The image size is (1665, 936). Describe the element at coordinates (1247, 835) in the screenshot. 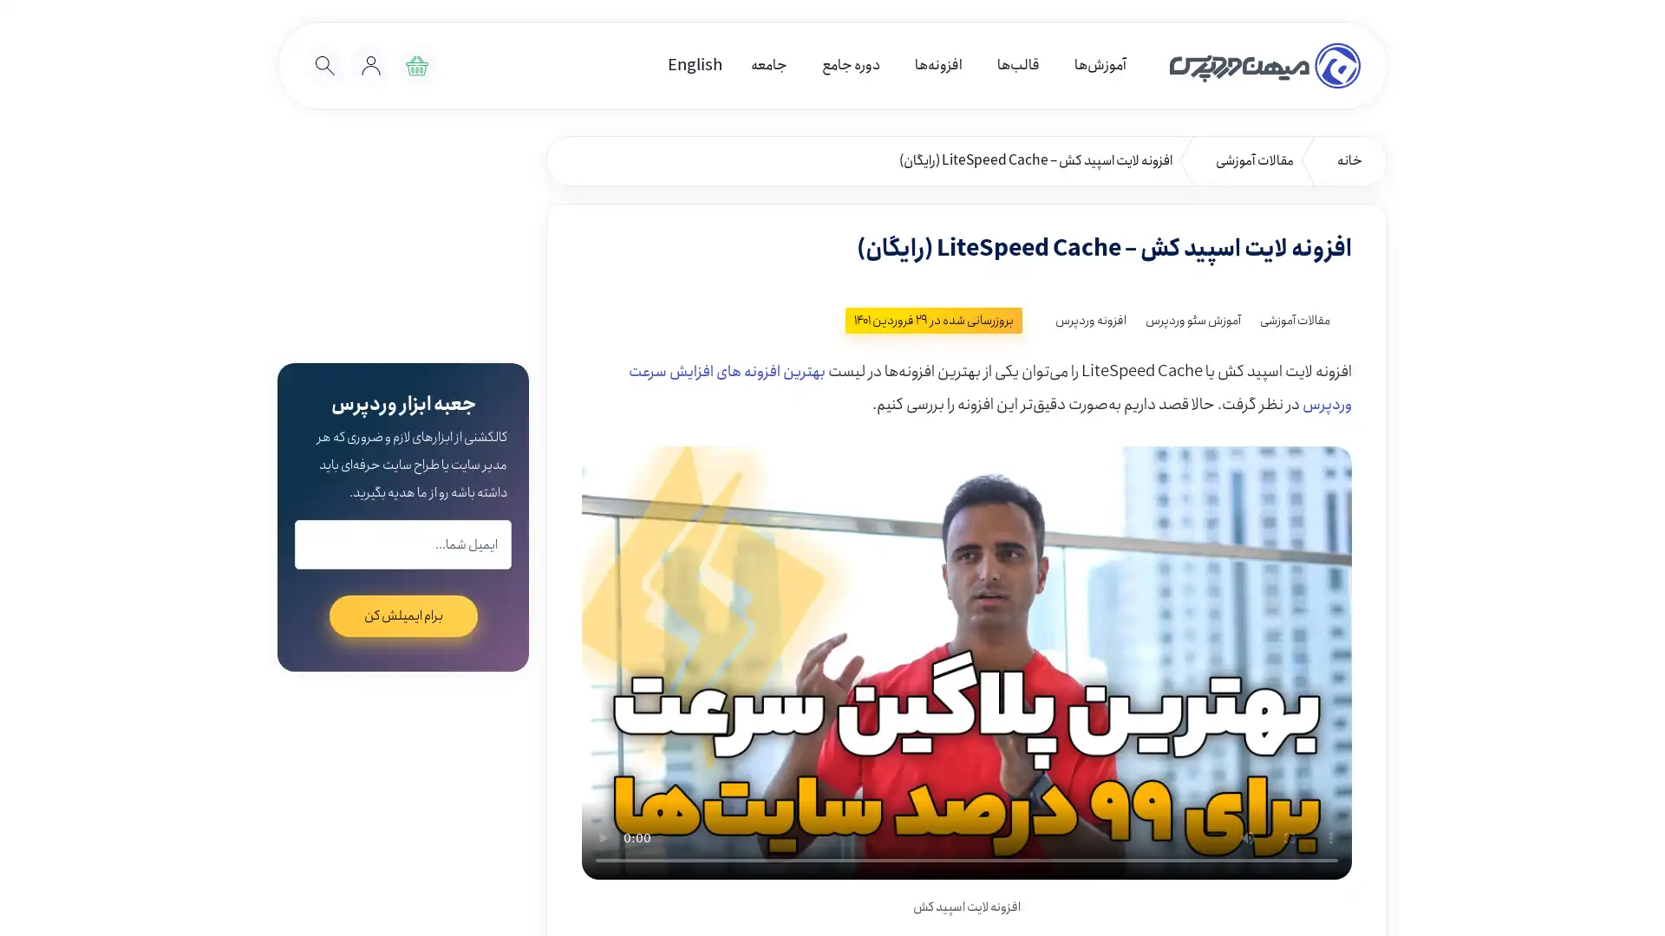

I see `mute` at that location.